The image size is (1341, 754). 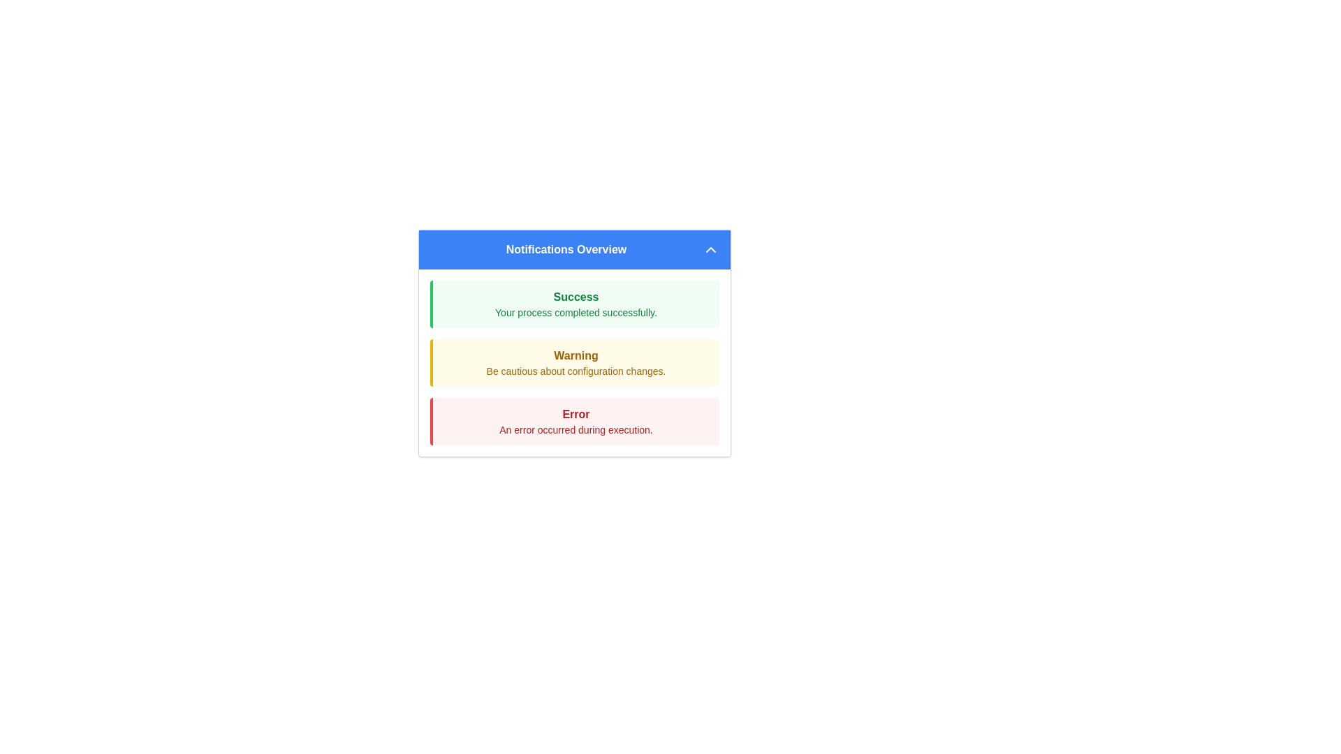 What do you see at coordinates (576, 429) in the screenshot?
I see `the text label displaying 'An error occurred during execution.' which is styled in small red font and located below the text 'Error' within a notification banner` at bounding box center [576, 429].